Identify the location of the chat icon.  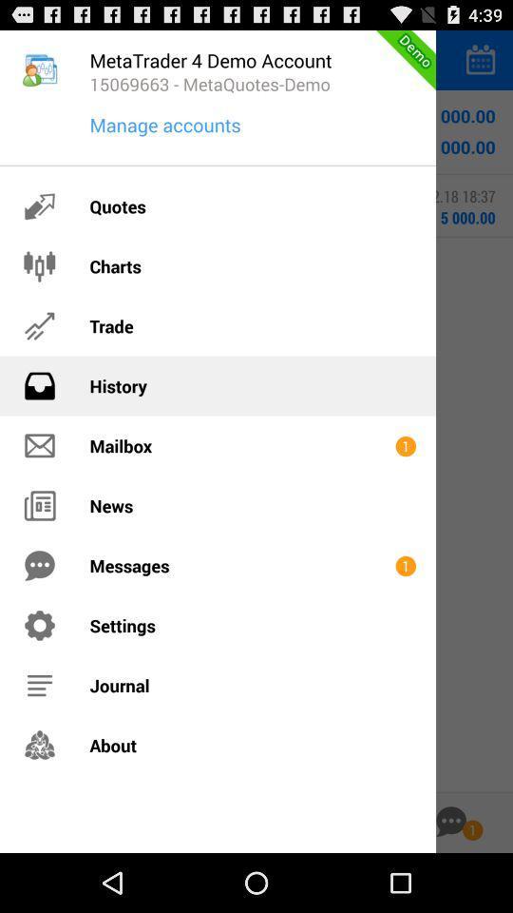
(450, 879).